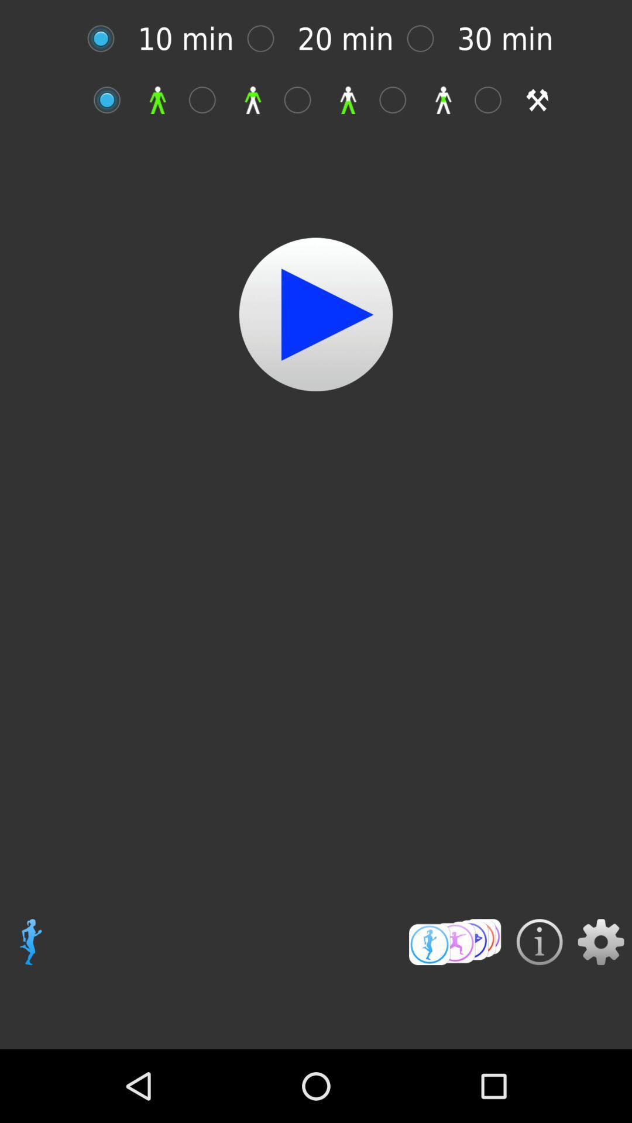 The width and height of the screenshot is (632, 1123). What do you see at coordinates (316, 314) in the screenshot?
I see `shows play button` at bounding box center [316, 314].